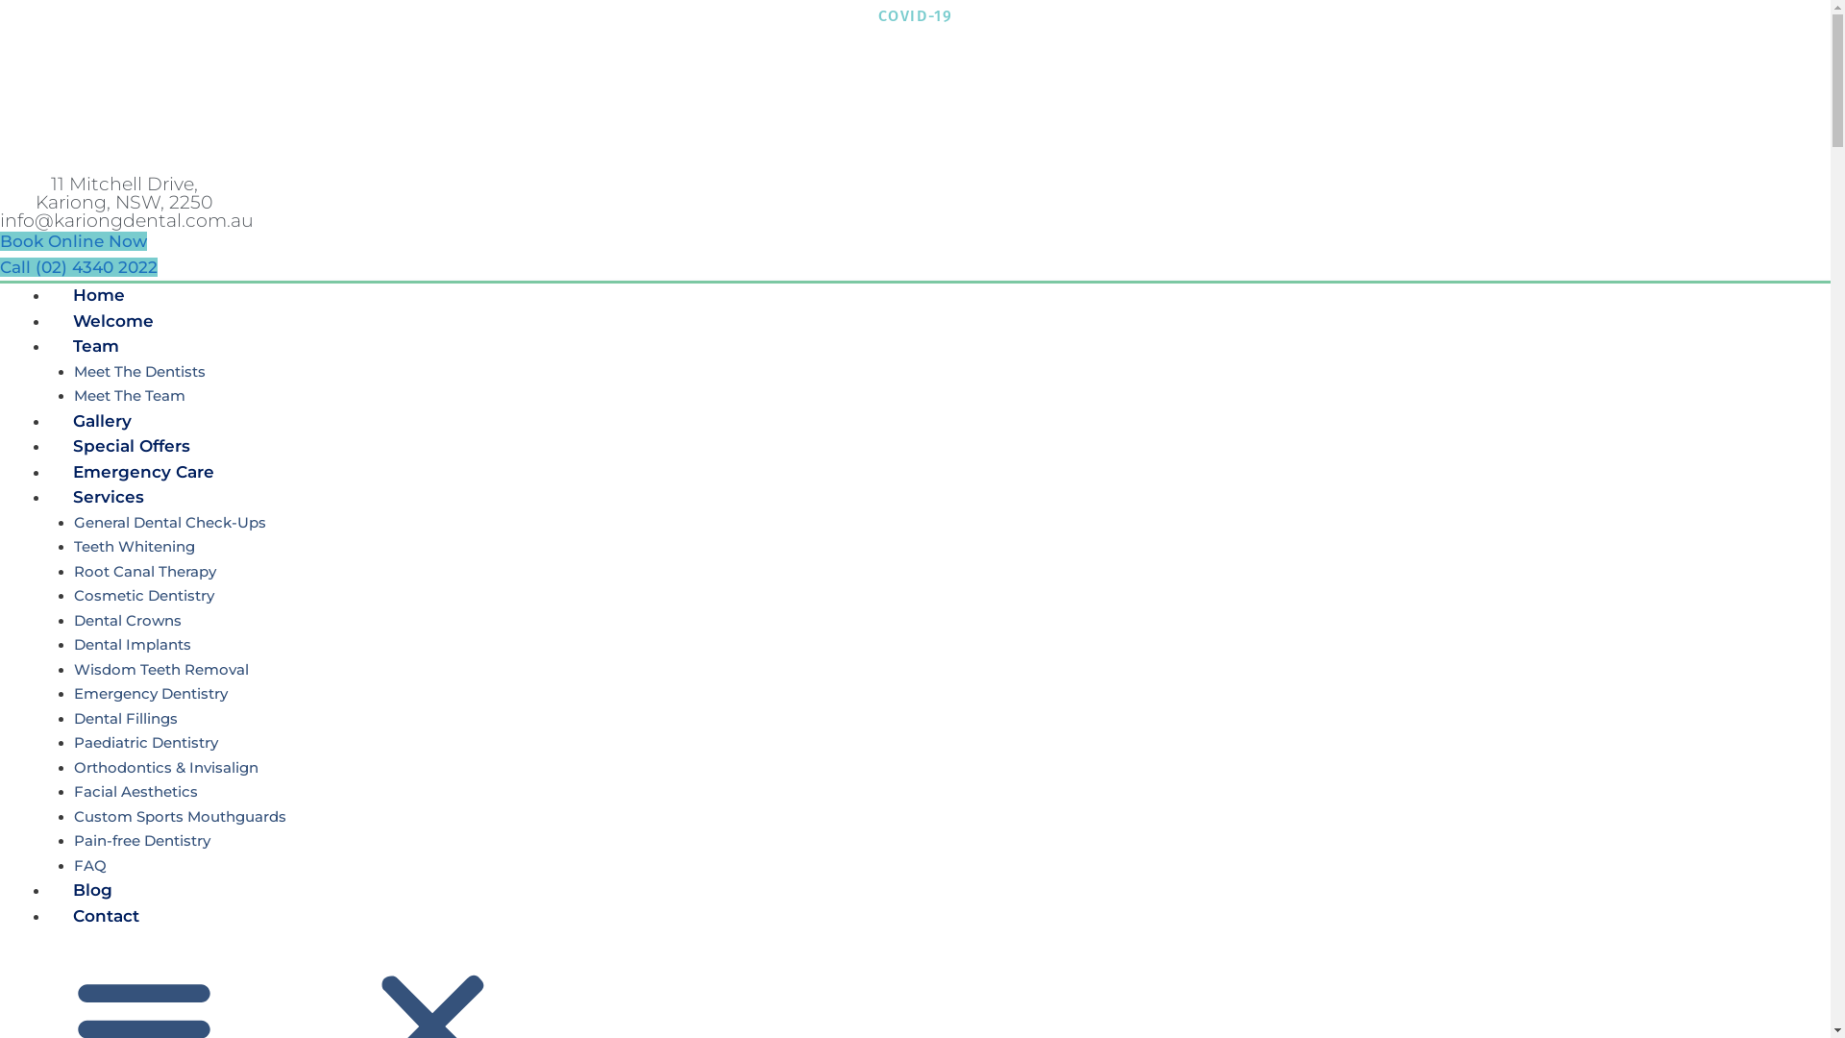  What do you see at coordinates (131, 445) in the screenshot?
I see `'Special Offers'` at bounding box center [131, 445].